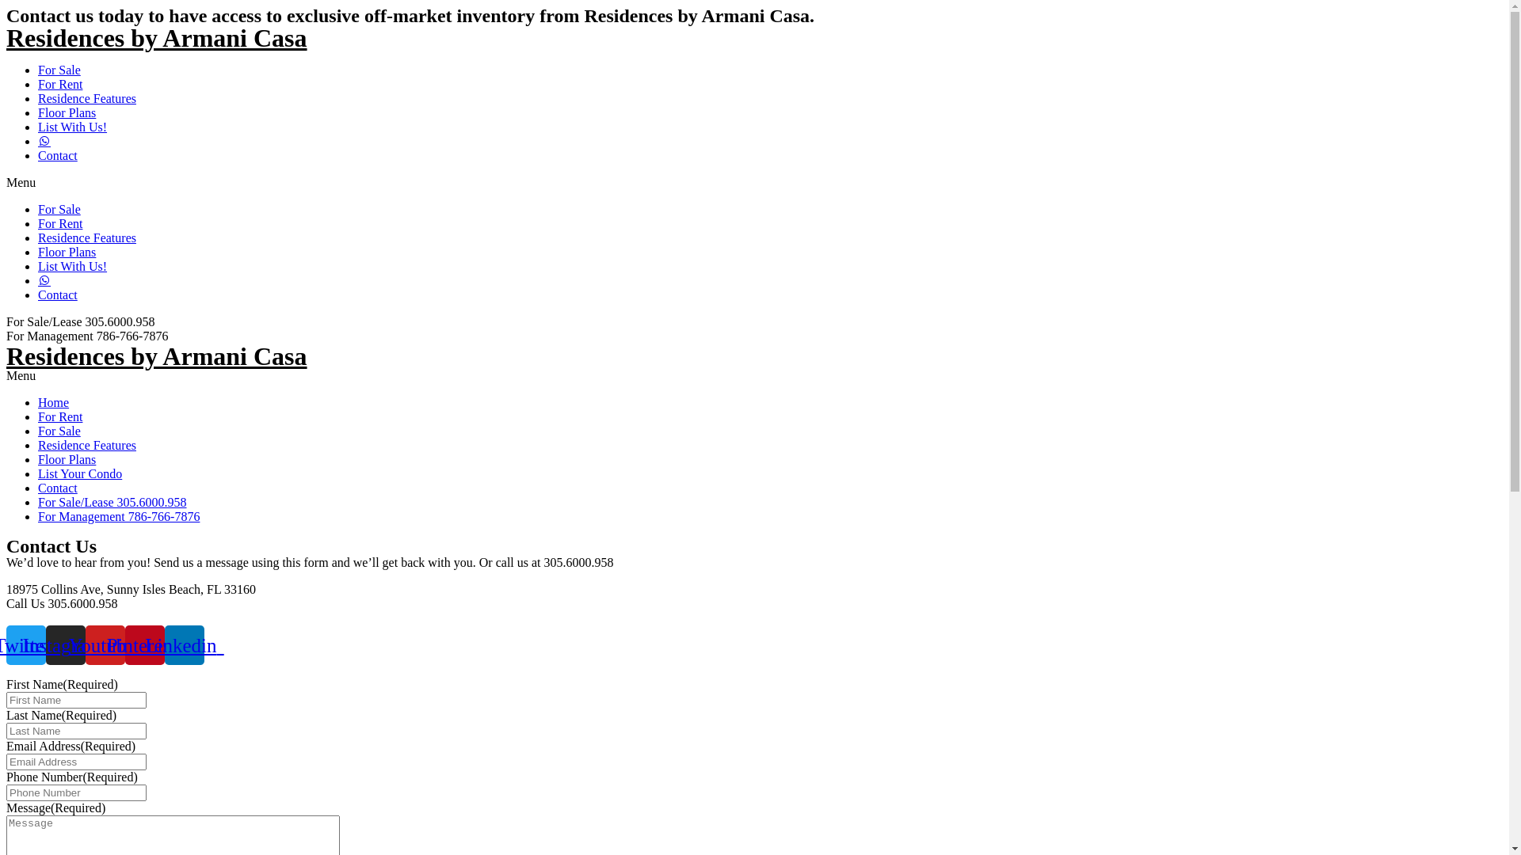 The width and height of the screenshot is (1521, 855). Describe the element at coordinates (117, 516) in the screenshot. I see `'For Management 786-766-7876'` at that location.